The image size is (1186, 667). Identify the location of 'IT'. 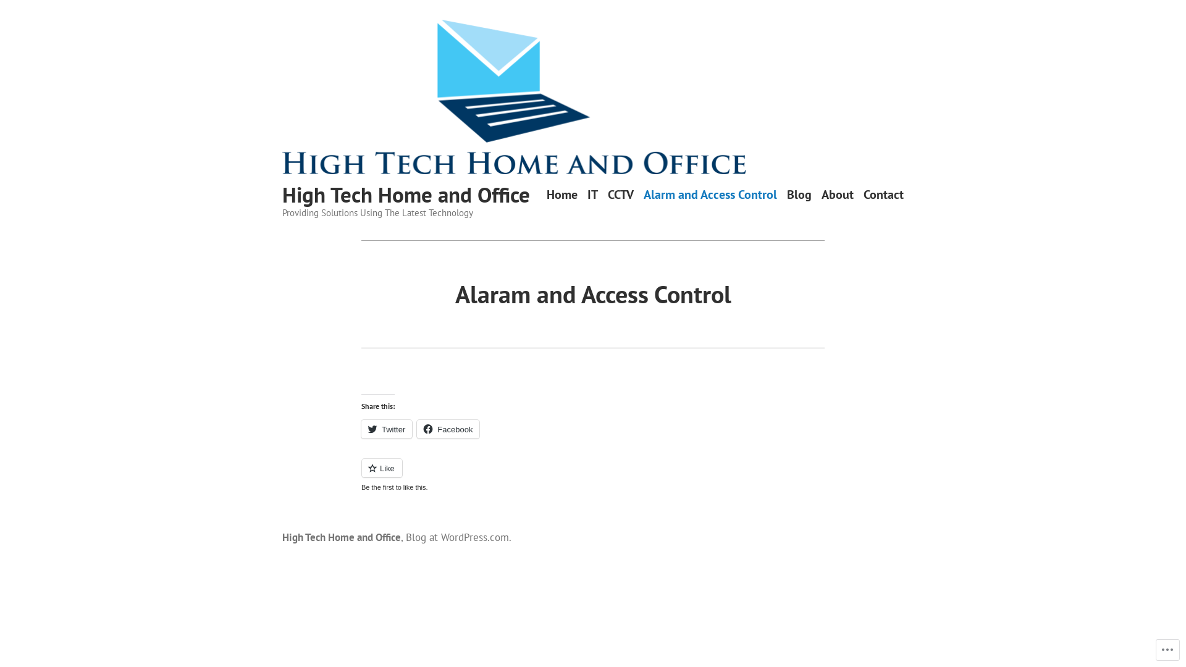
(592, 195).